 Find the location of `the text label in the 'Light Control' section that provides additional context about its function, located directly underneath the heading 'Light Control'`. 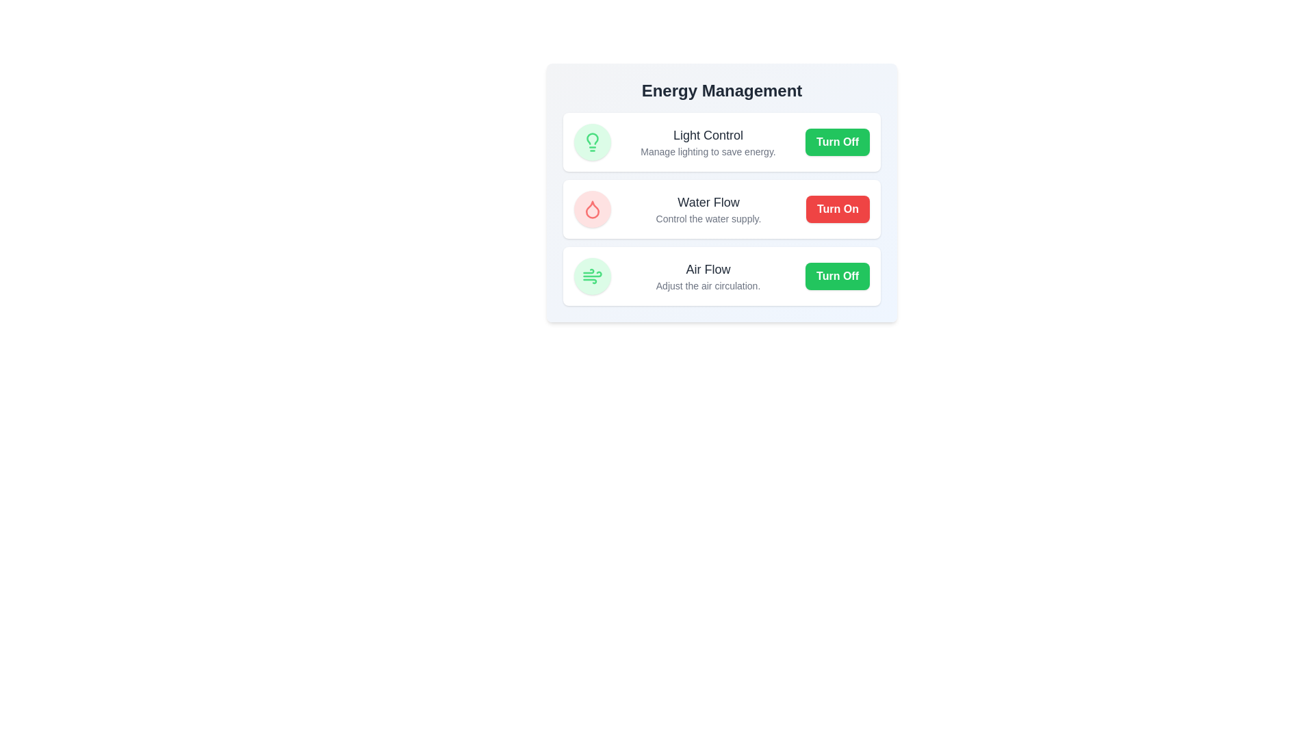

the text label in the 'Light Control' section that provides additional context about its function, located directly underneath the heading 'Light Control' is located at coordinates (708, 152).